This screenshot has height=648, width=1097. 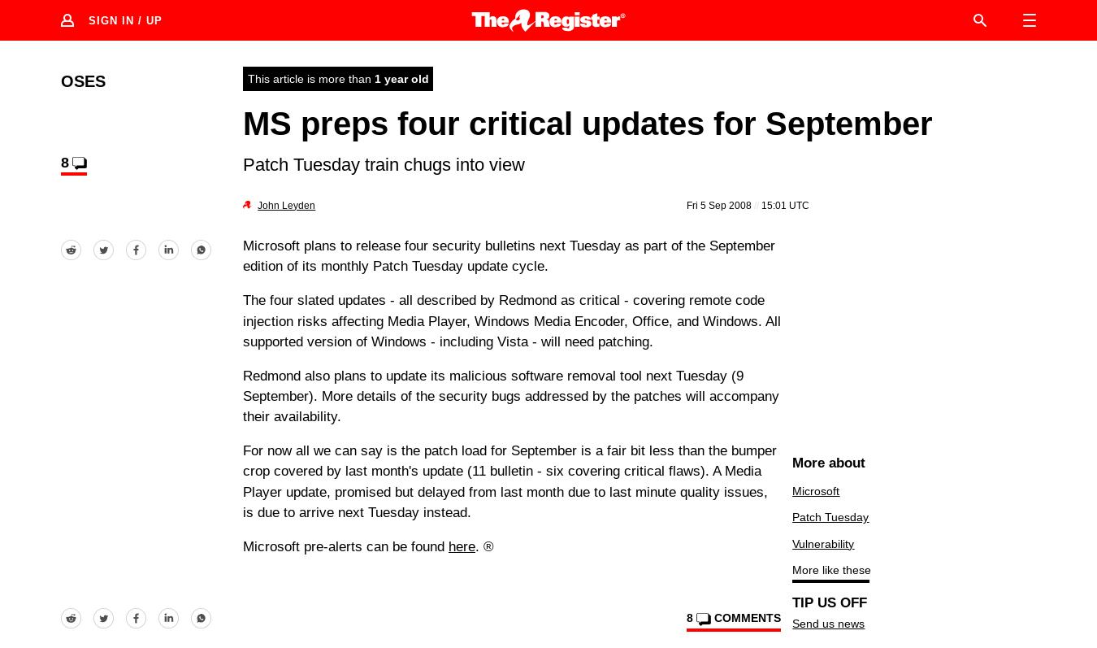 I want to click on 'OSes', so click(x=60, y=80).